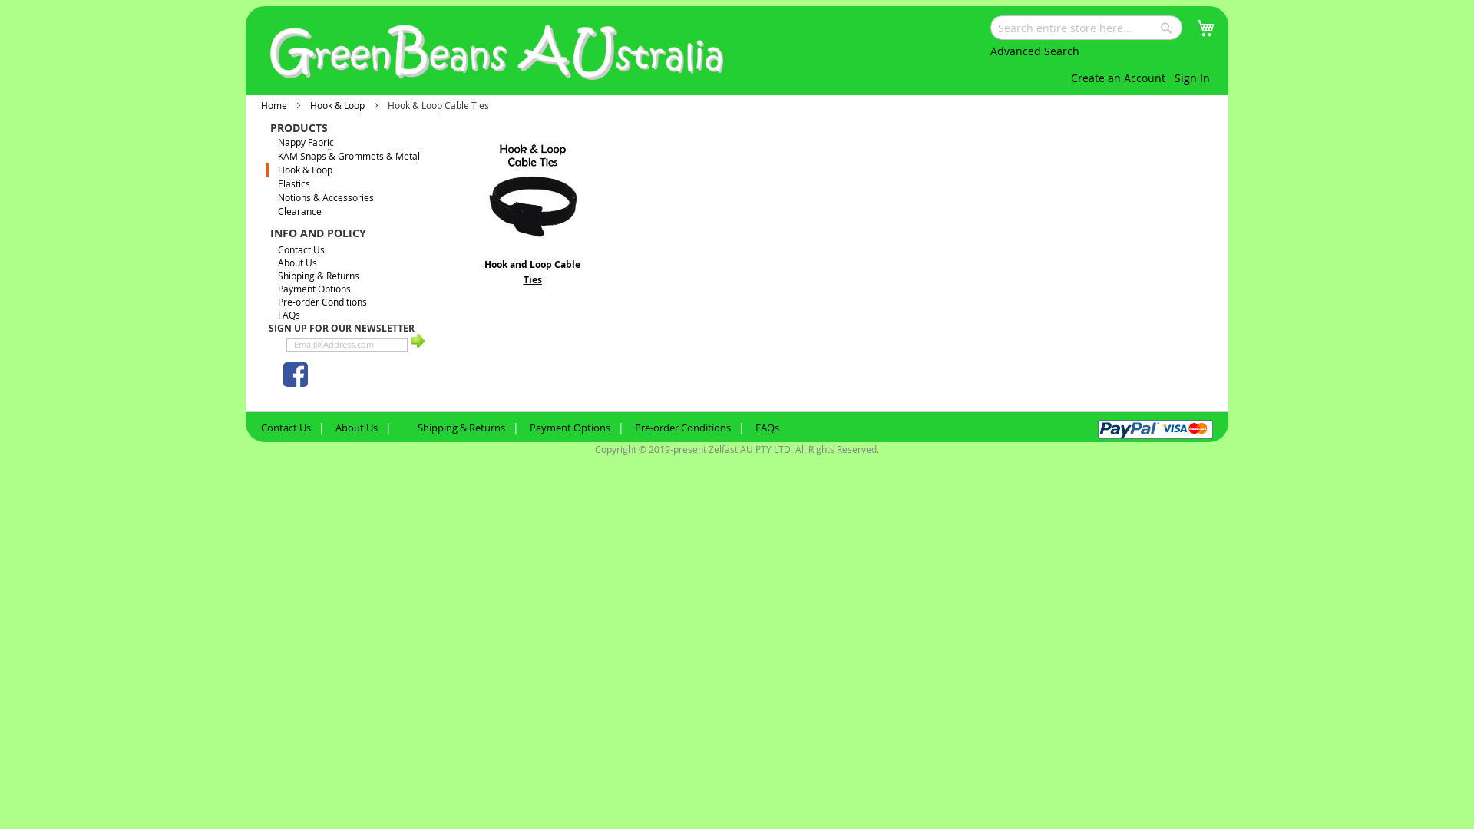 This screenshot has width=1474, height=829. Describe the element at coordinates (483, 271) in the screenshot. I see `'Hook and Loop Cable Ties'` at that location.